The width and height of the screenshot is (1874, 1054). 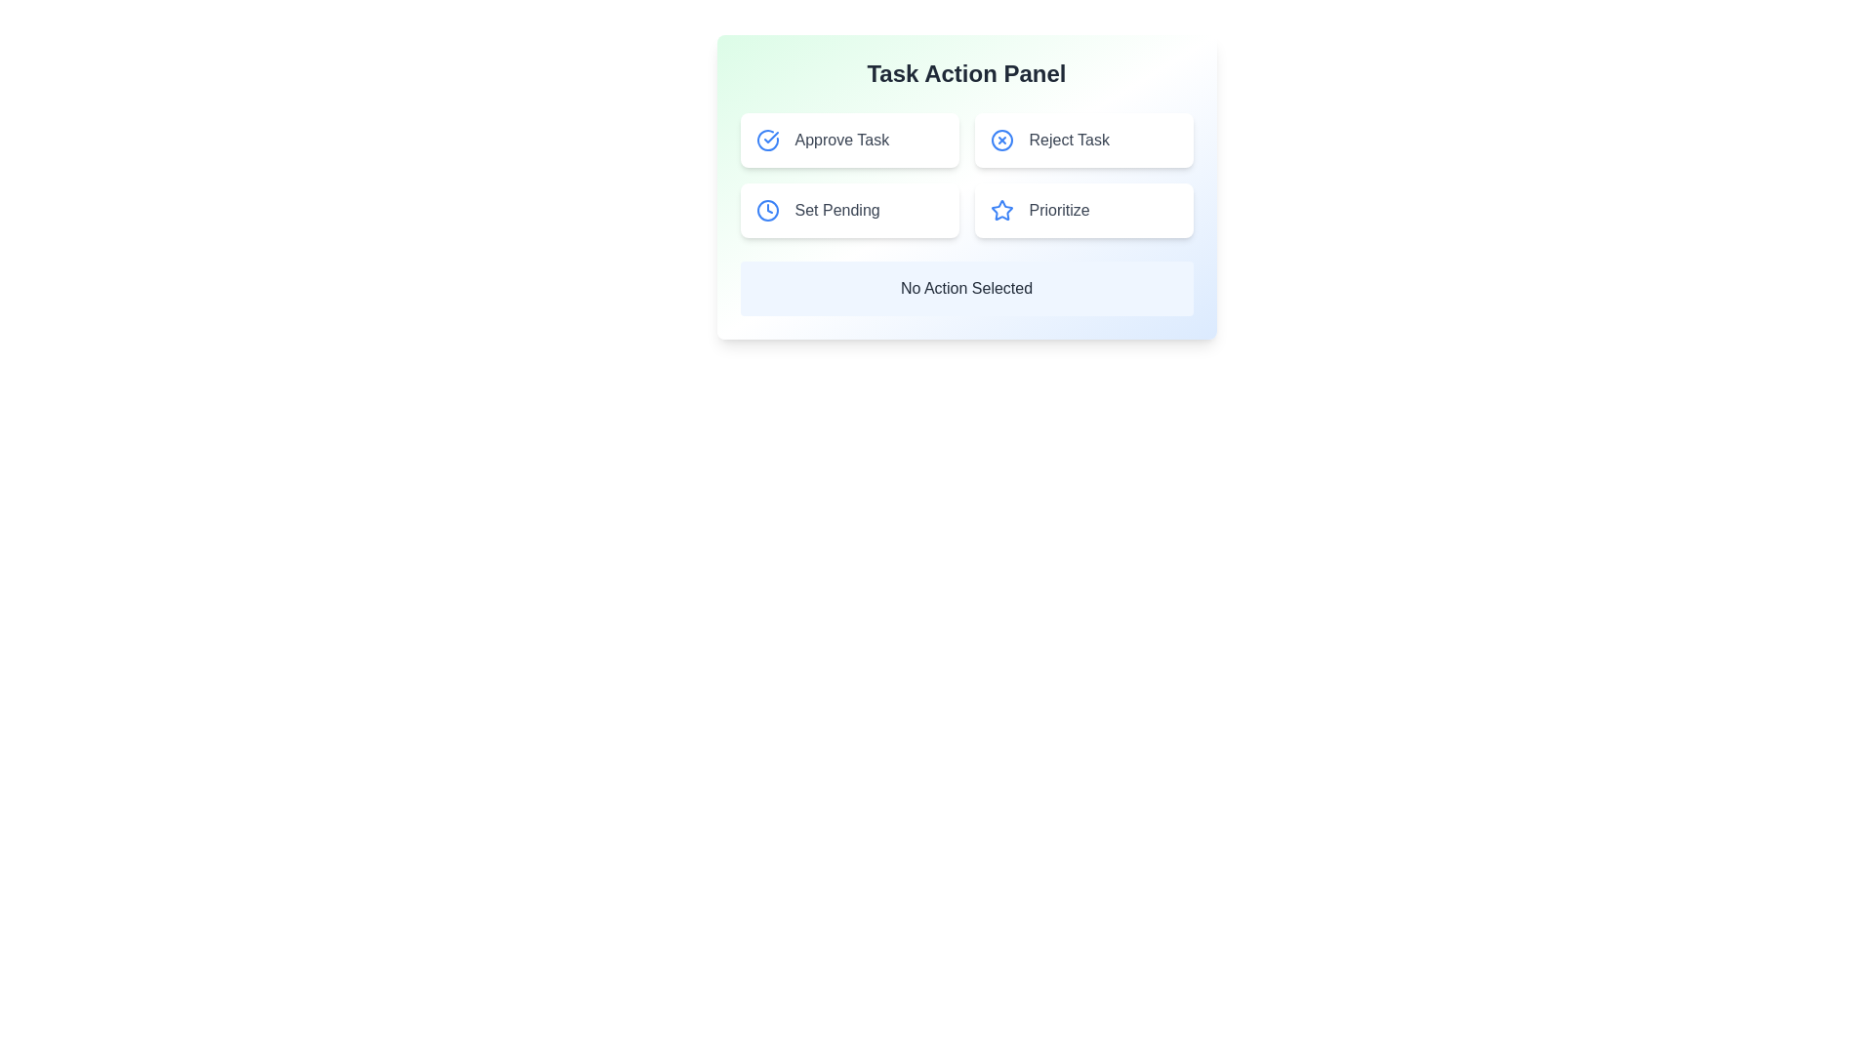 I want to click on the 'Approve Task' text label, which is displayed in gray font within a rounded rectangular button on the Task Action Panel, so click(x=841, y=139).